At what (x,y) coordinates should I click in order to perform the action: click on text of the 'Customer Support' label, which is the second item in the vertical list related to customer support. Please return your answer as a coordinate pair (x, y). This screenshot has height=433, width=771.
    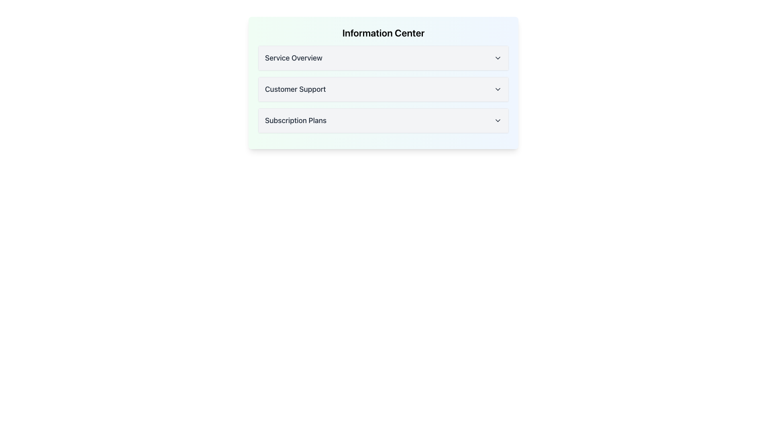
    Looking at the image, I should click on (295, 89).